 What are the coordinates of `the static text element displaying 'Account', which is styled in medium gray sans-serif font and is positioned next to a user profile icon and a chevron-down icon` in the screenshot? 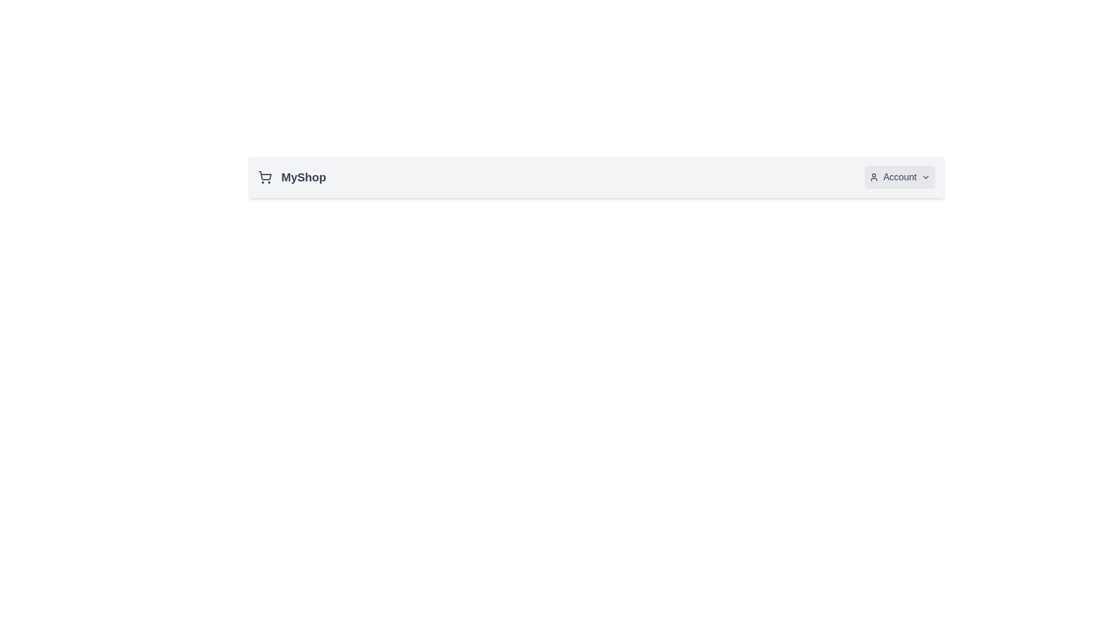 It's located at (899, 177).